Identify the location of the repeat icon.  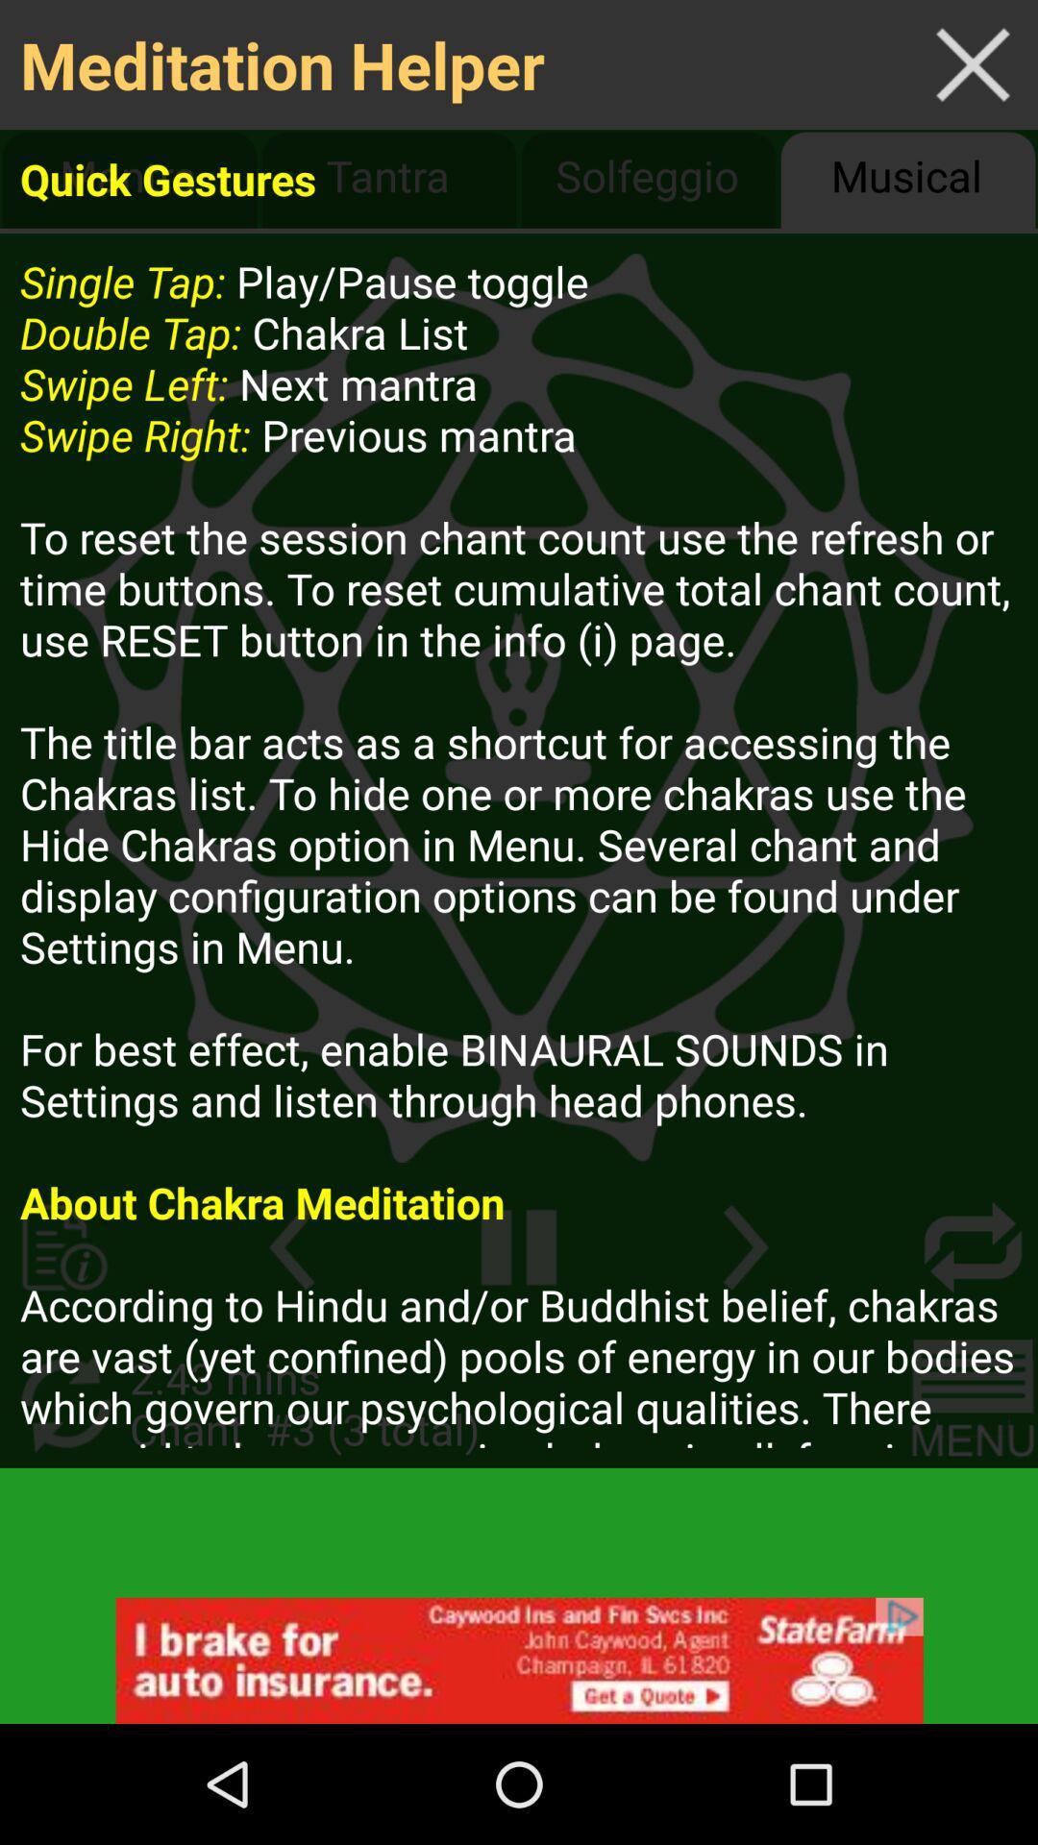
(973, 1334).